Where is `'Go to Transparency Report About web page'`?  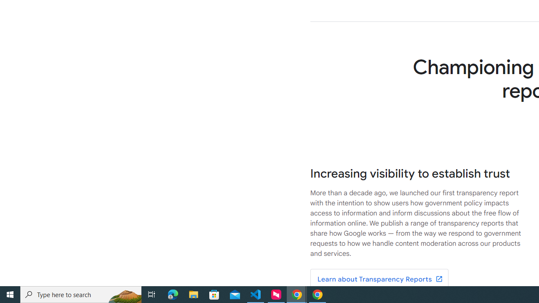 'Go to Transparency Report About web page' is located at coordinates (379, 279).